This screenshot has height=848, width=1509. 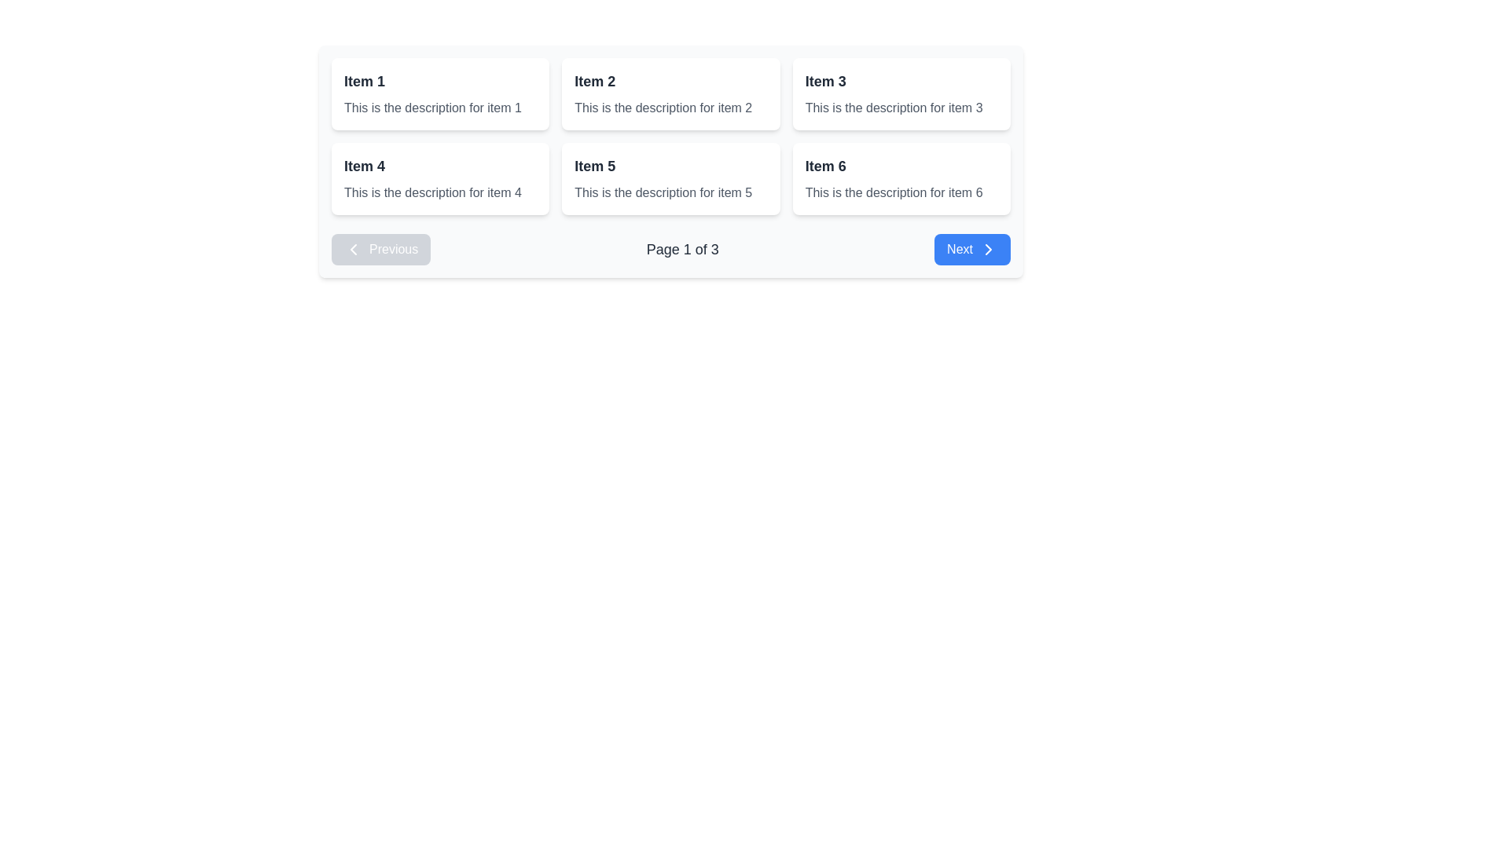 I want to click on the text label reading 'This is the description for item 6', located under the heading 'Item 6' in the lower right corner of the grid layout to potentially trigger a tooltip or highlight, so click(x=894, y=192).